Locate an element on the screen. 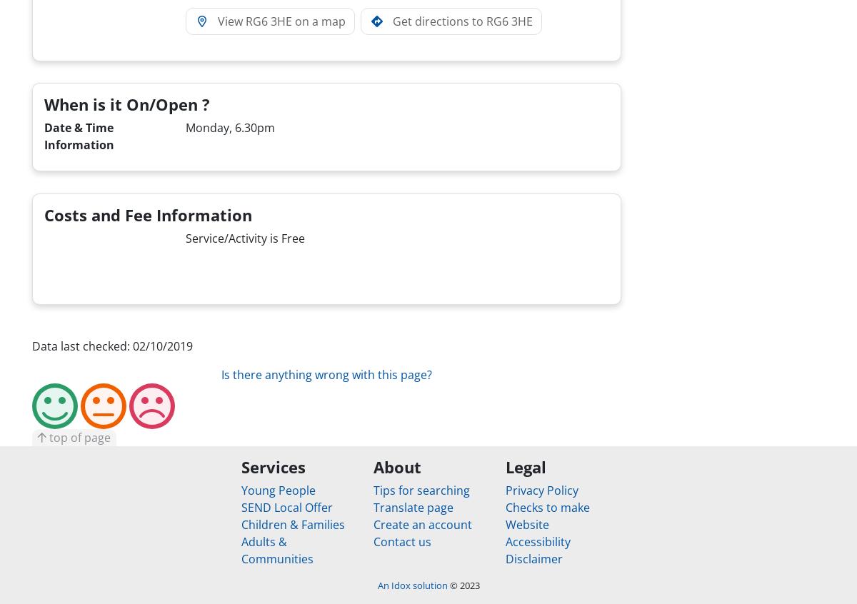  'Get directions' is located at coordinates (430, 21).